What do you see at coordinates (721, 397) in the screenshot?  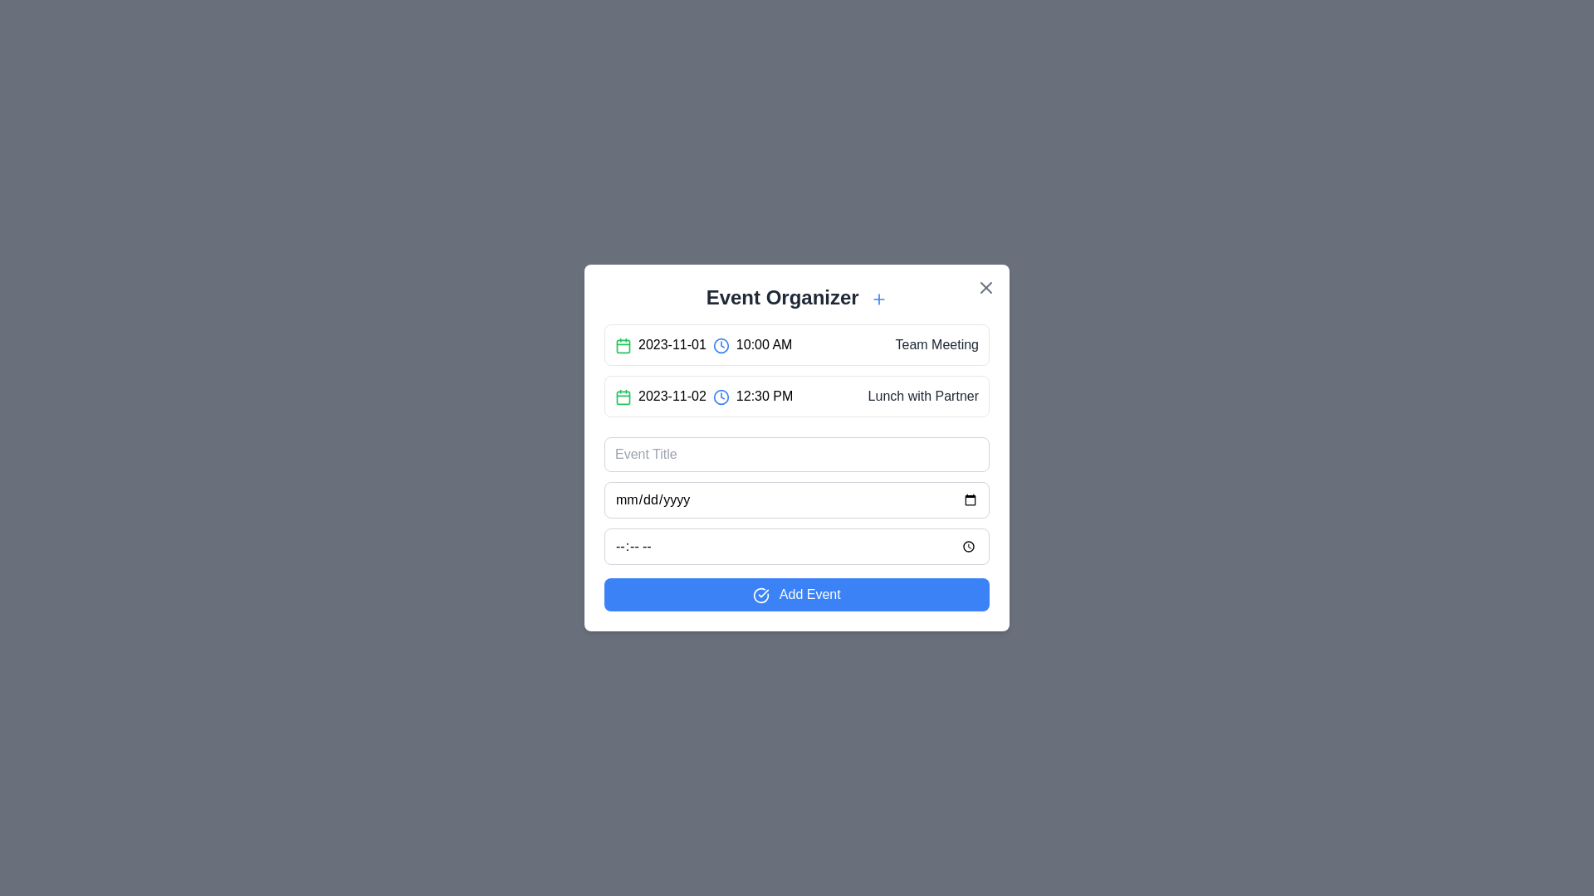 I see `the clock icon that indicates the time associated with the event entry on the date-time display for the event dated 2023-11-02, positioned to the right of the date and before the time text '12:30 PM'` at bounding box center [721, 397].